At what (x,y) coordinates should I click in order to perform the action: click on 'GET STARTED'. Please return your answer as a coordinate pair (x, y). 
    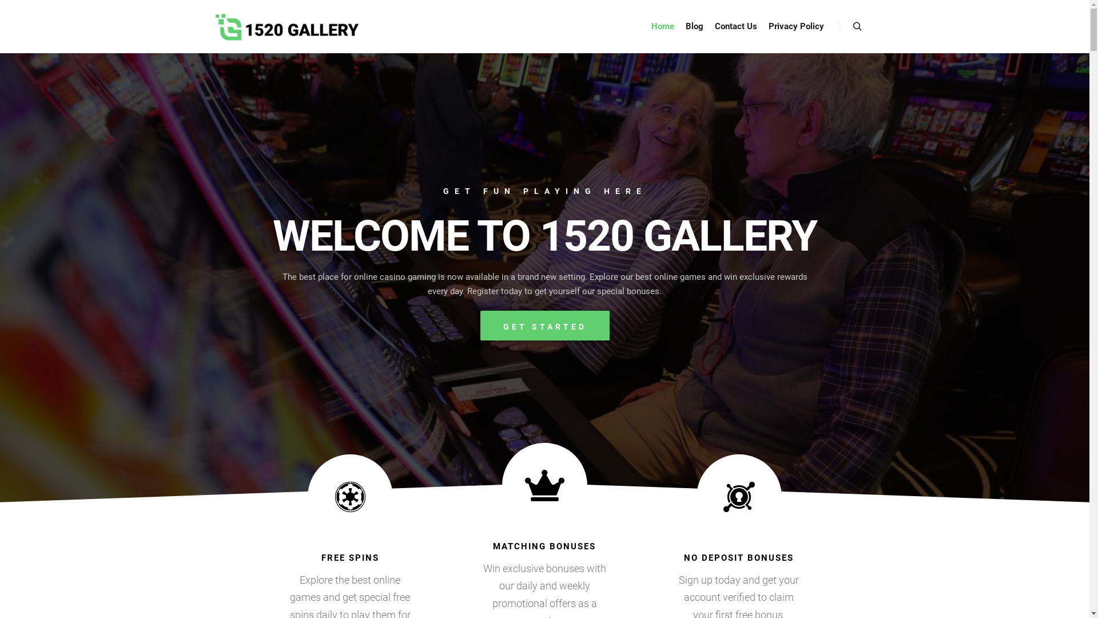
    Looking at the image, I should click on (544, 326).